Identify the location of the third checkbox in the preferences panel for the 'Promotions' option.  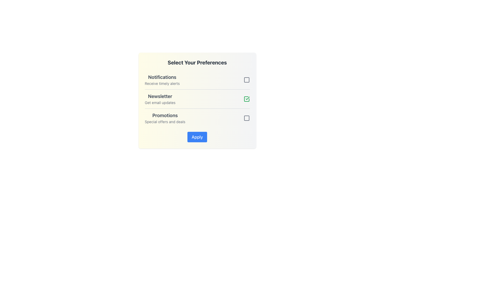
(246, 118).